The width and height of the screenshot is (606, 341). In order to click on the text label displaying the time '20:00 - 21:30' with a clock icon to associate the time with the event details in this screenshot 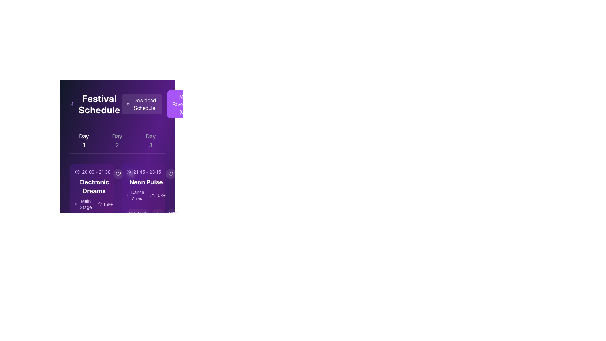, I will do `click(94, 172)`.